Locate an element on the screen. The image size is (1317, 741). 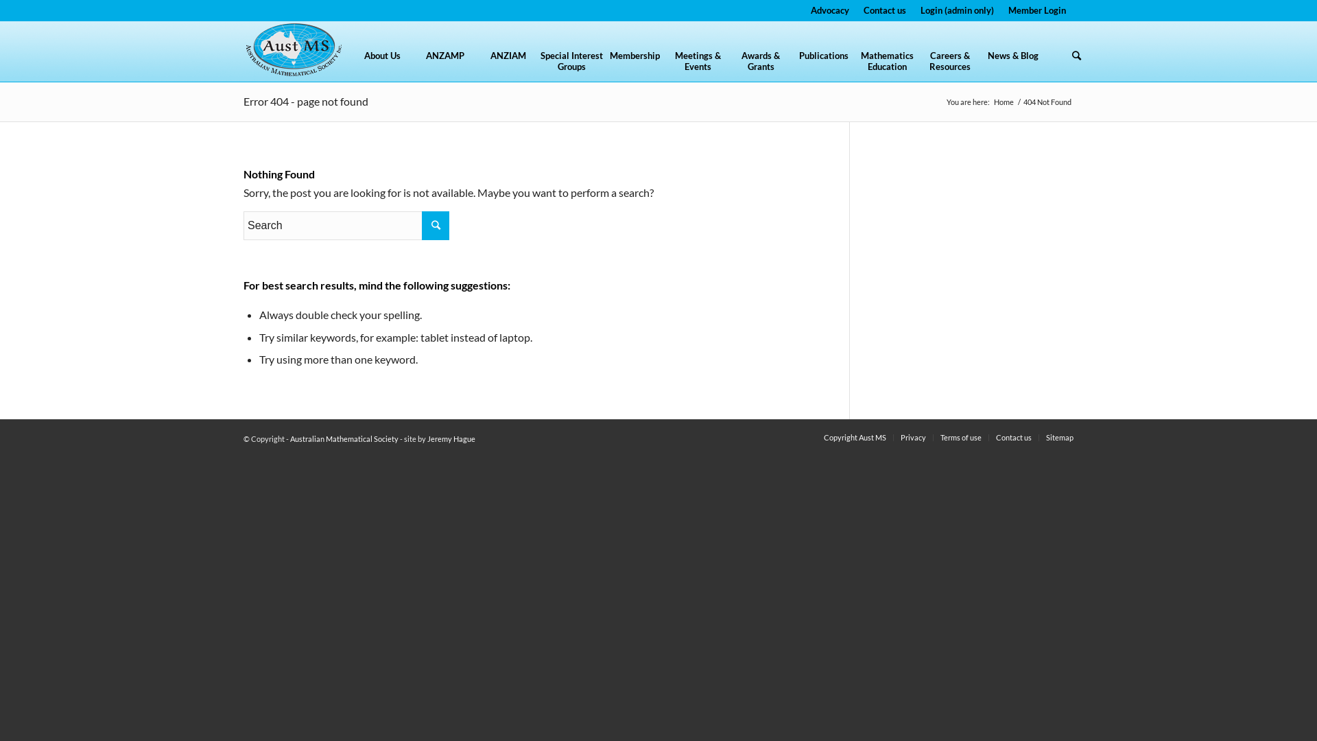
'Contact us' is located at coordinates (1014, 437).